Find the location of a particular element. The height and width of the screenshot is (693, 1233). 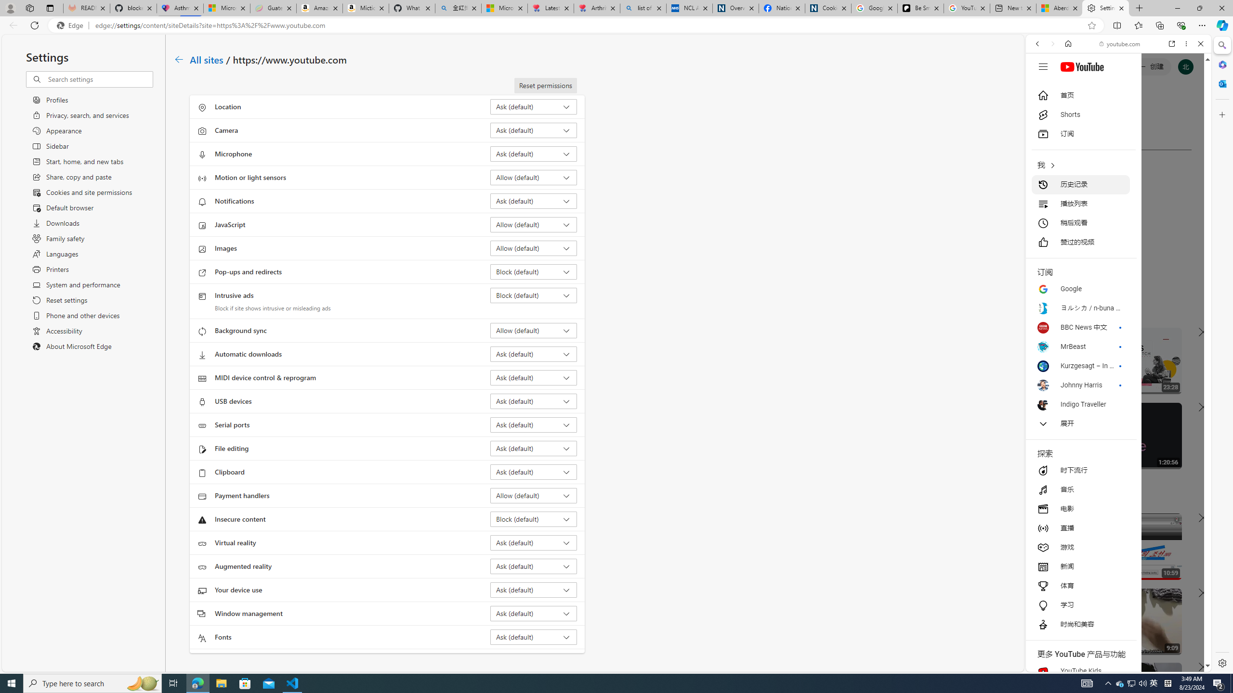

'Fonts Ask (default)' is located at coordinates (534, 637).